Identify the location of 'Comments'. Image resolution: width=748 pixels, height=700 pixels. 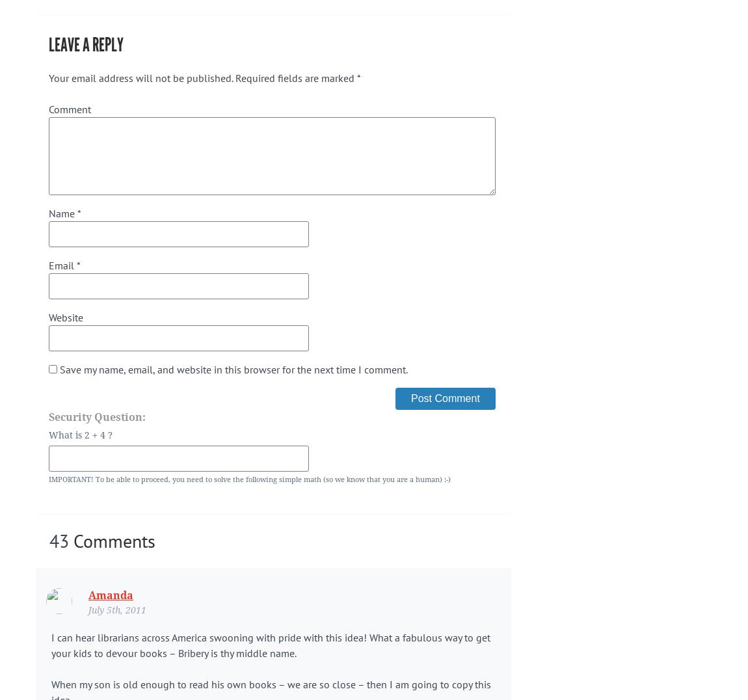
(111, 540).